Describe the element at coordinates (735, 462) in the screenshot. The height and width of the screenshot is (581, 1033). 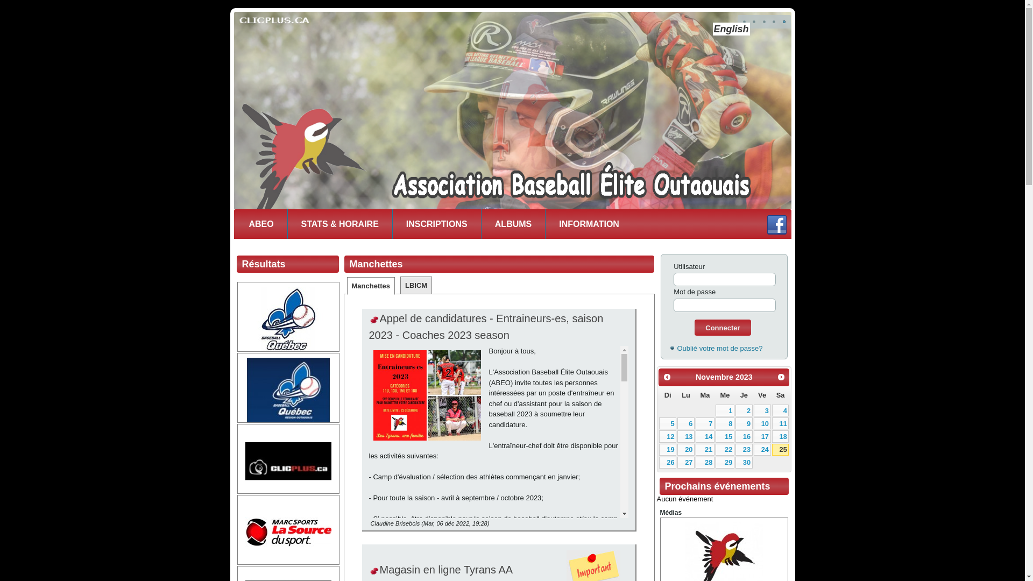
I see `'30'` at that location.